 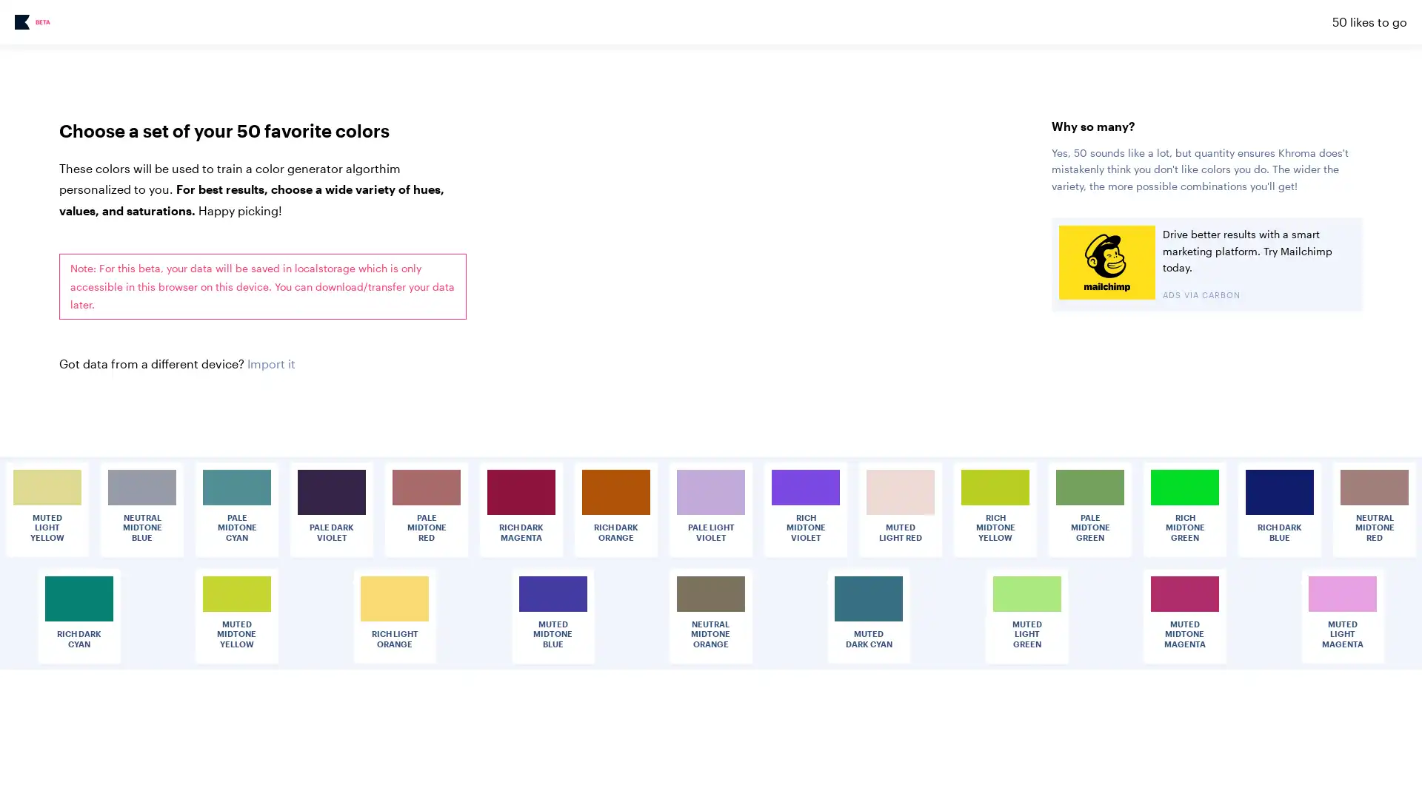 I want to click on Choose File, so click(x=284, y=365).